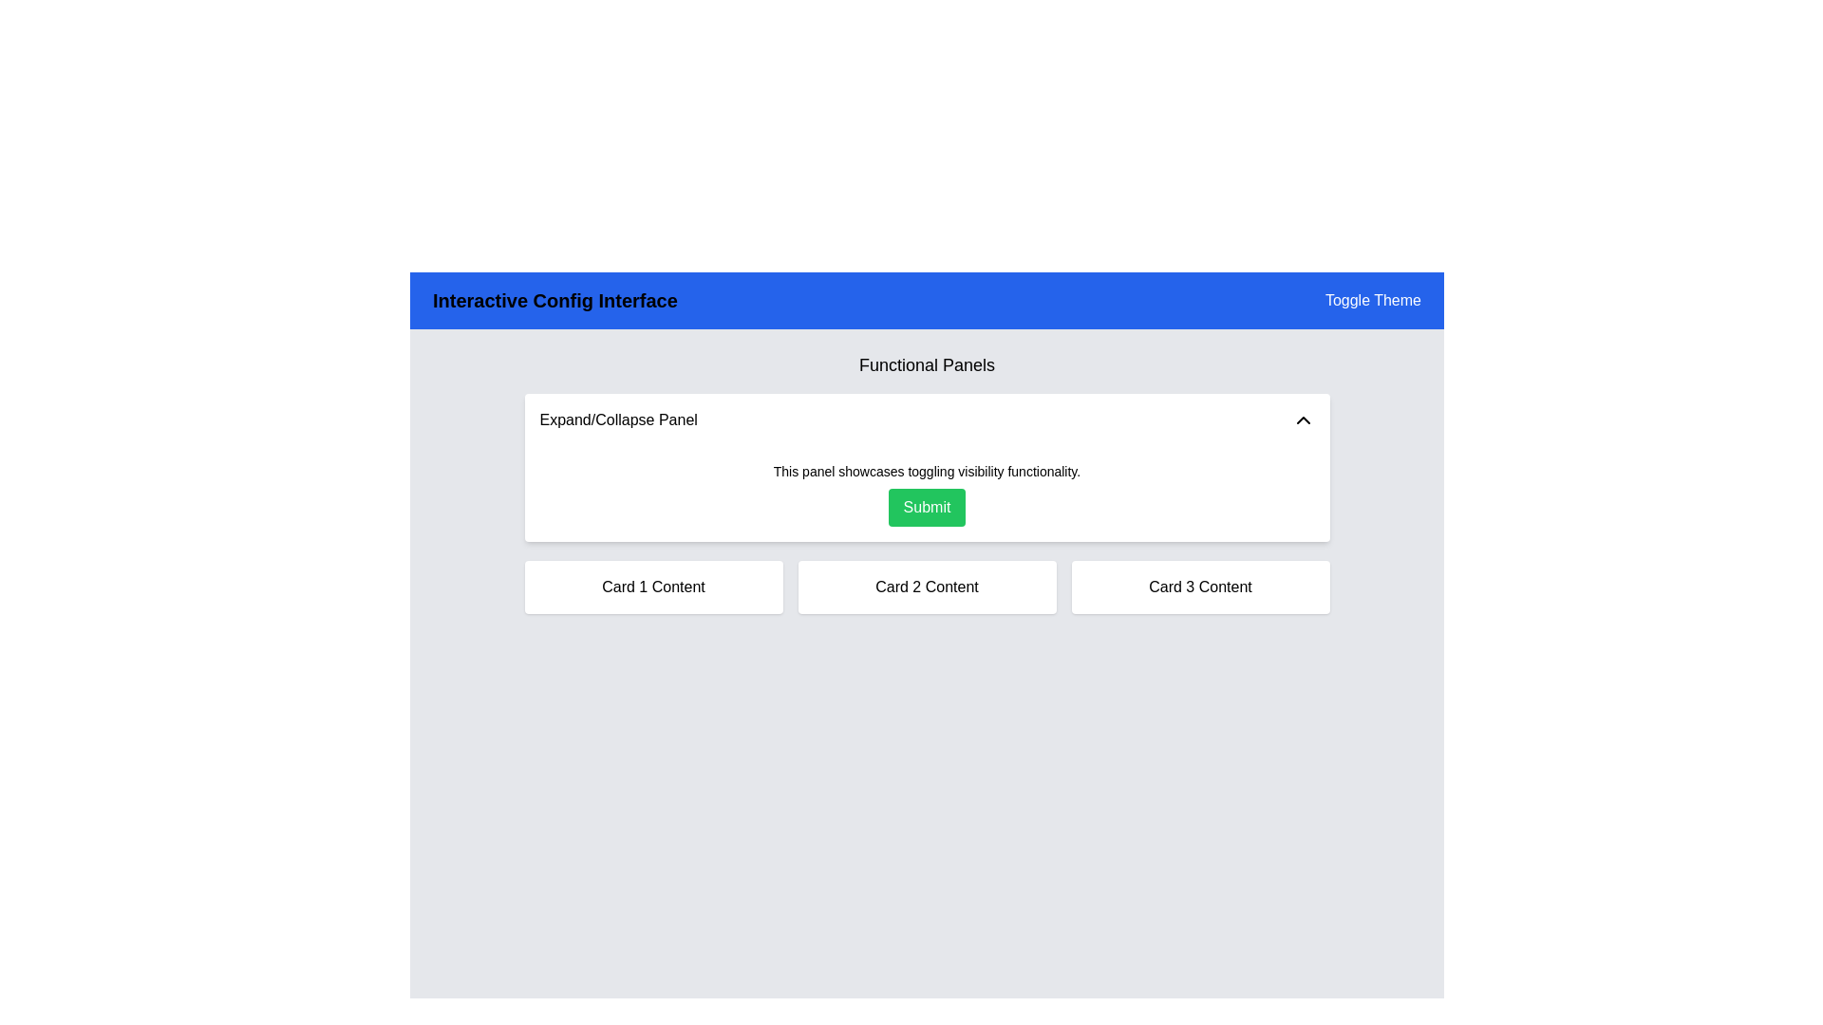 The image size is (1823, 1025). What do you see at coordinates (1302, 419) in the screenshot?
I see `the small upward-pointing chevron icon outlined in black, located to the far-right of the 'Expand/Collapse Panel' label` at bounding box center [1302, 419].